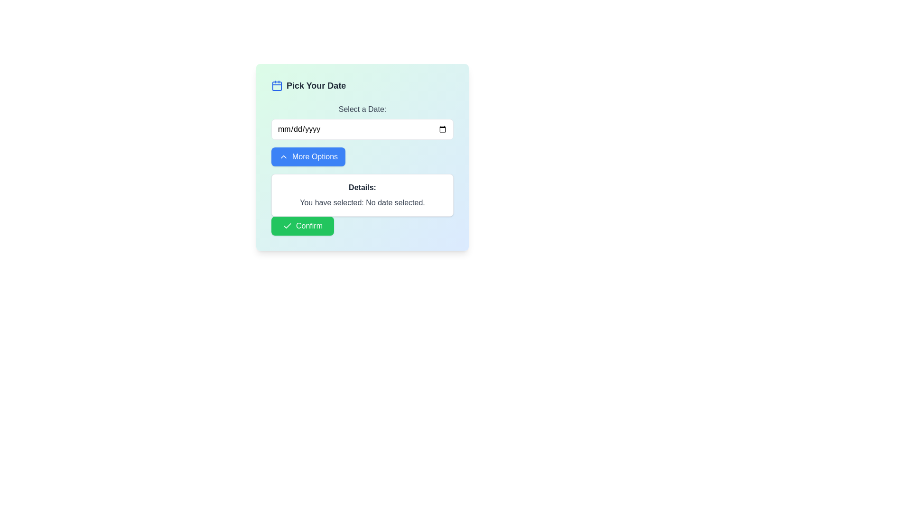 The height and width of the screenshot is (512, 911). What do you see at coordinates (287, 226) in the screenshot?
I see `the check icon located to the left of the 'Confirm' text within the green button at the bottom of the main panel` at bounding box center [287, 226].